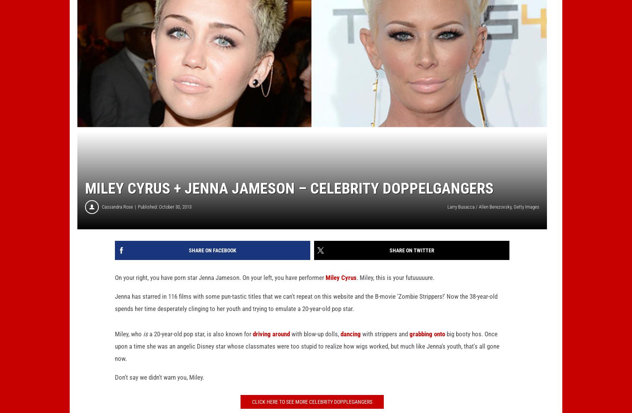 The height and width of the screenshot is (413, 632). I want to click on 'Don't say we didn't warn you, Miley.', so click(159, 389).